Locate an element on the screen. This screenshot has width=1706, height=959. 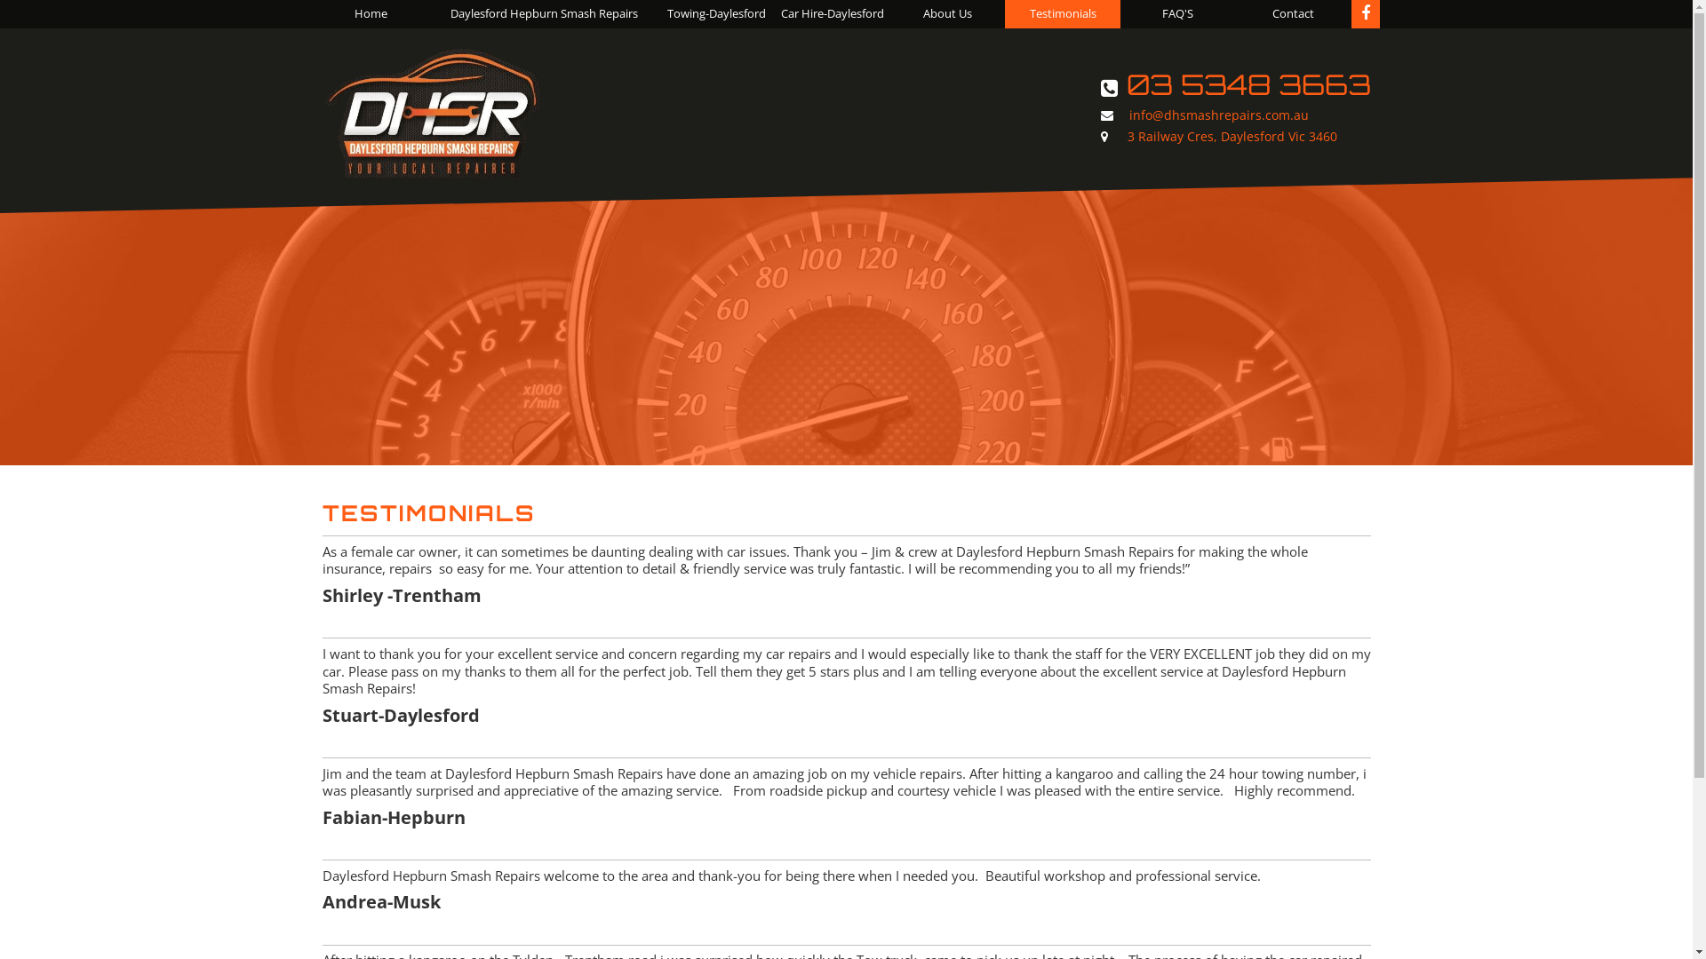
'Home' is located at coordinates (312, 13).